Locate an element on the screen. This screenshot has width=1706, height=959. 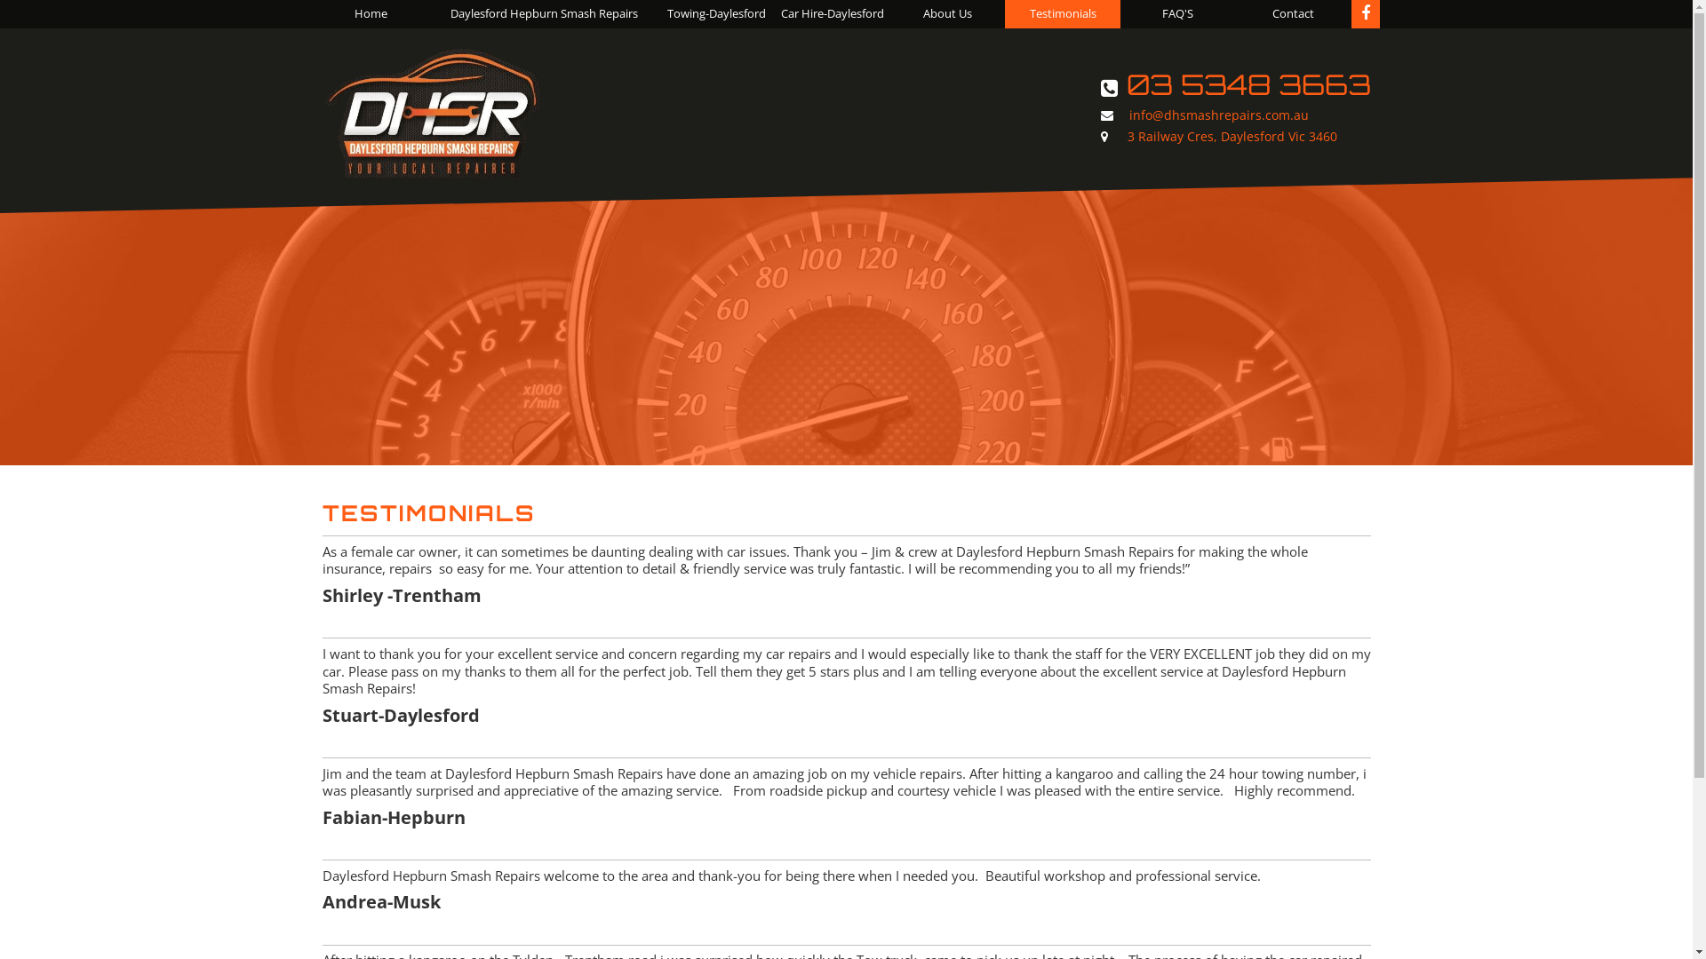
'Home' is located at coordinates (312, 13).